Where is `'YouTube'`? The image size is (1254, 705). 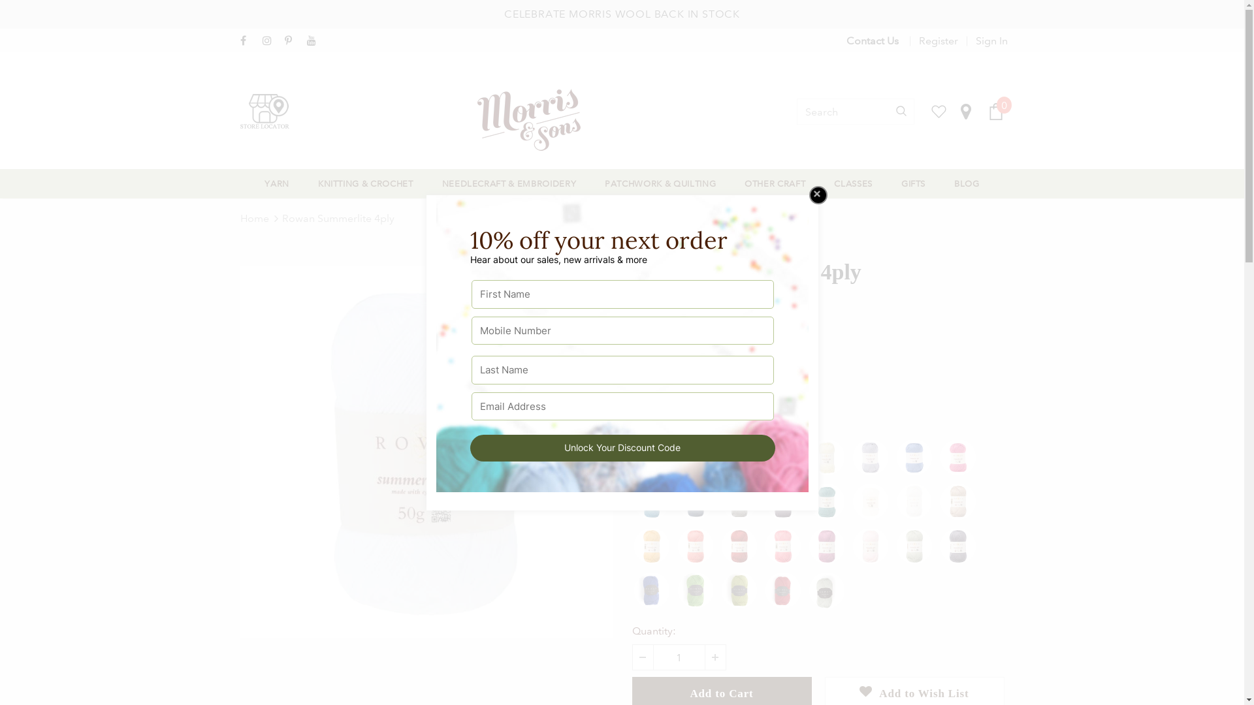
'YouTube' is located at coordinates (315, 40).